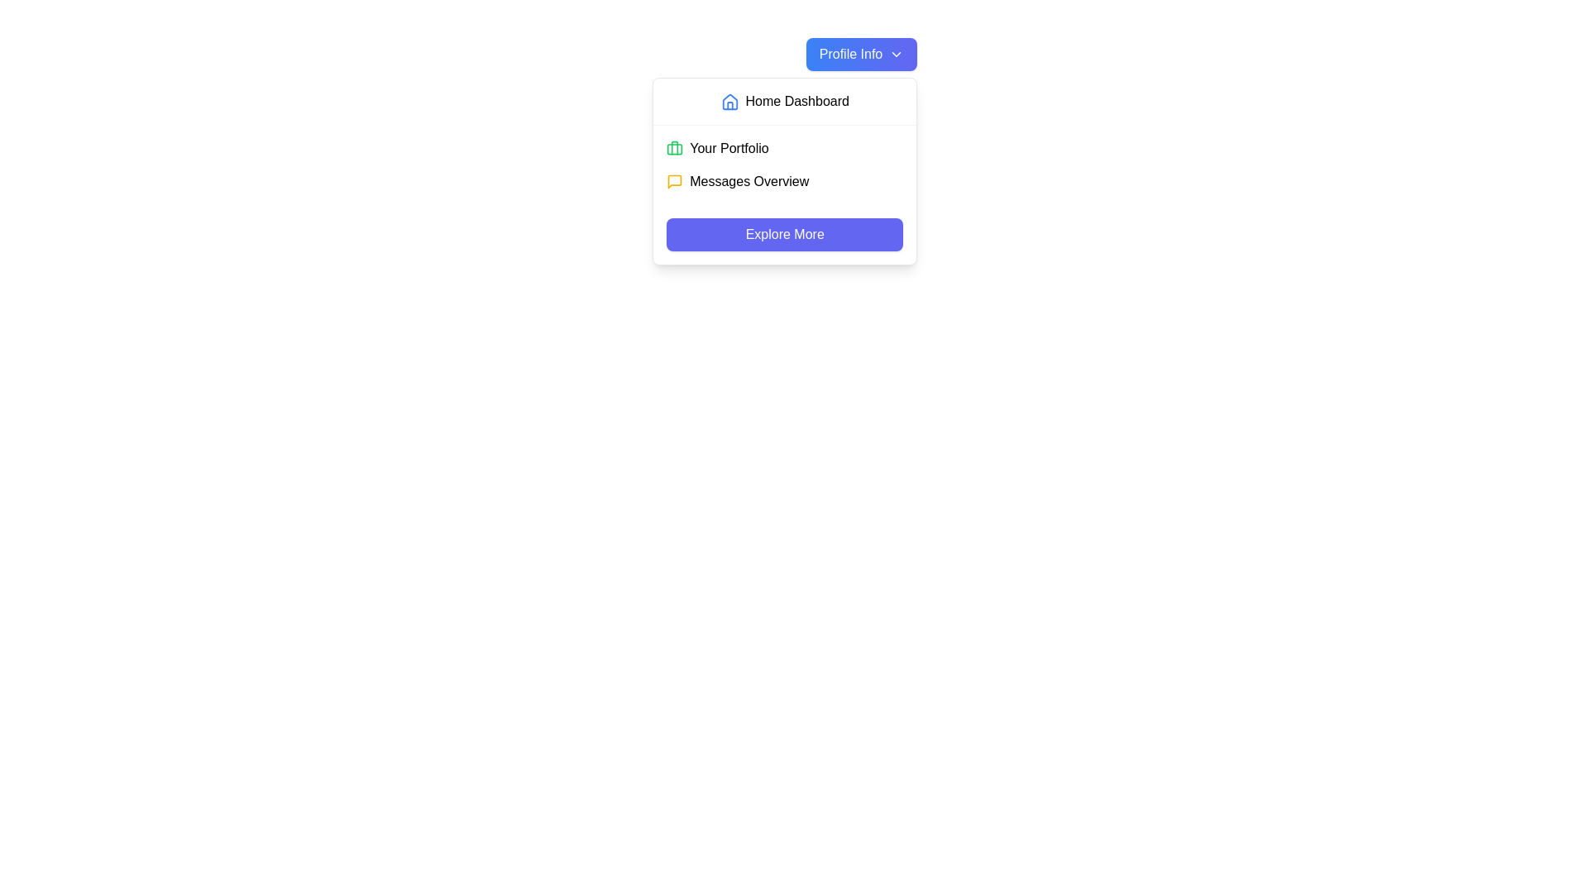  Describe the element at coordinates (675, 149) in the screenshot. I see `the green briefcase icon located to the left of the 'Your Portfolio' text in the dropdown menu` at that location.